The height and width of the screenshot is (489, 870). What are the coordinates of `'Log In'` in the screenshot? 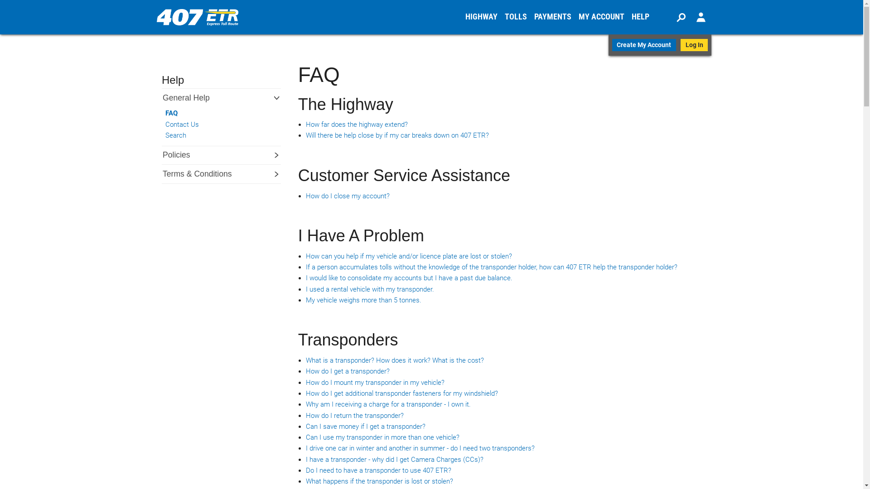 It's located at (681, 45).